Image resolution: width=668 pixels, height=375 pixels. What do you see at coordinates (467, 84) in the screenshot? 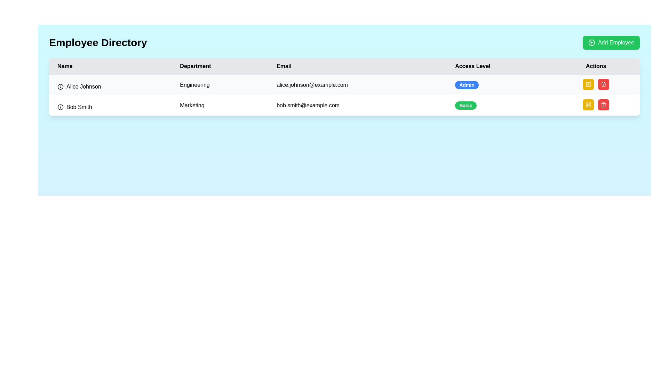
I see `the badge indicating the access level for the 'Admin' role in the first row of the table corresponding to 'Alice Johnson'` at bounding box center [467, 84].